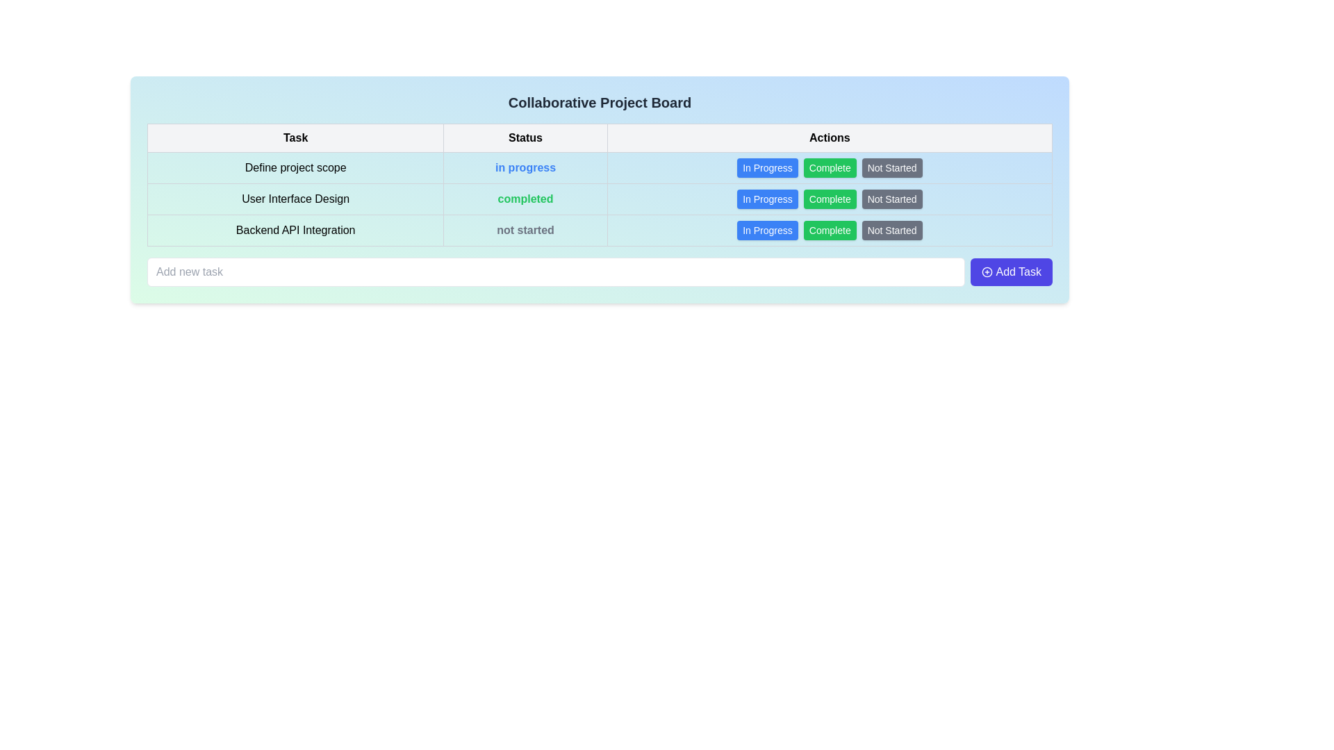 This screenshot has height=750, width=1334. Describe the element at coordinates (295, 229) in the screenshot. I see `the static label displaying 'Backend API Integration' located in the third row under the 'Task' column of the table` at that location.